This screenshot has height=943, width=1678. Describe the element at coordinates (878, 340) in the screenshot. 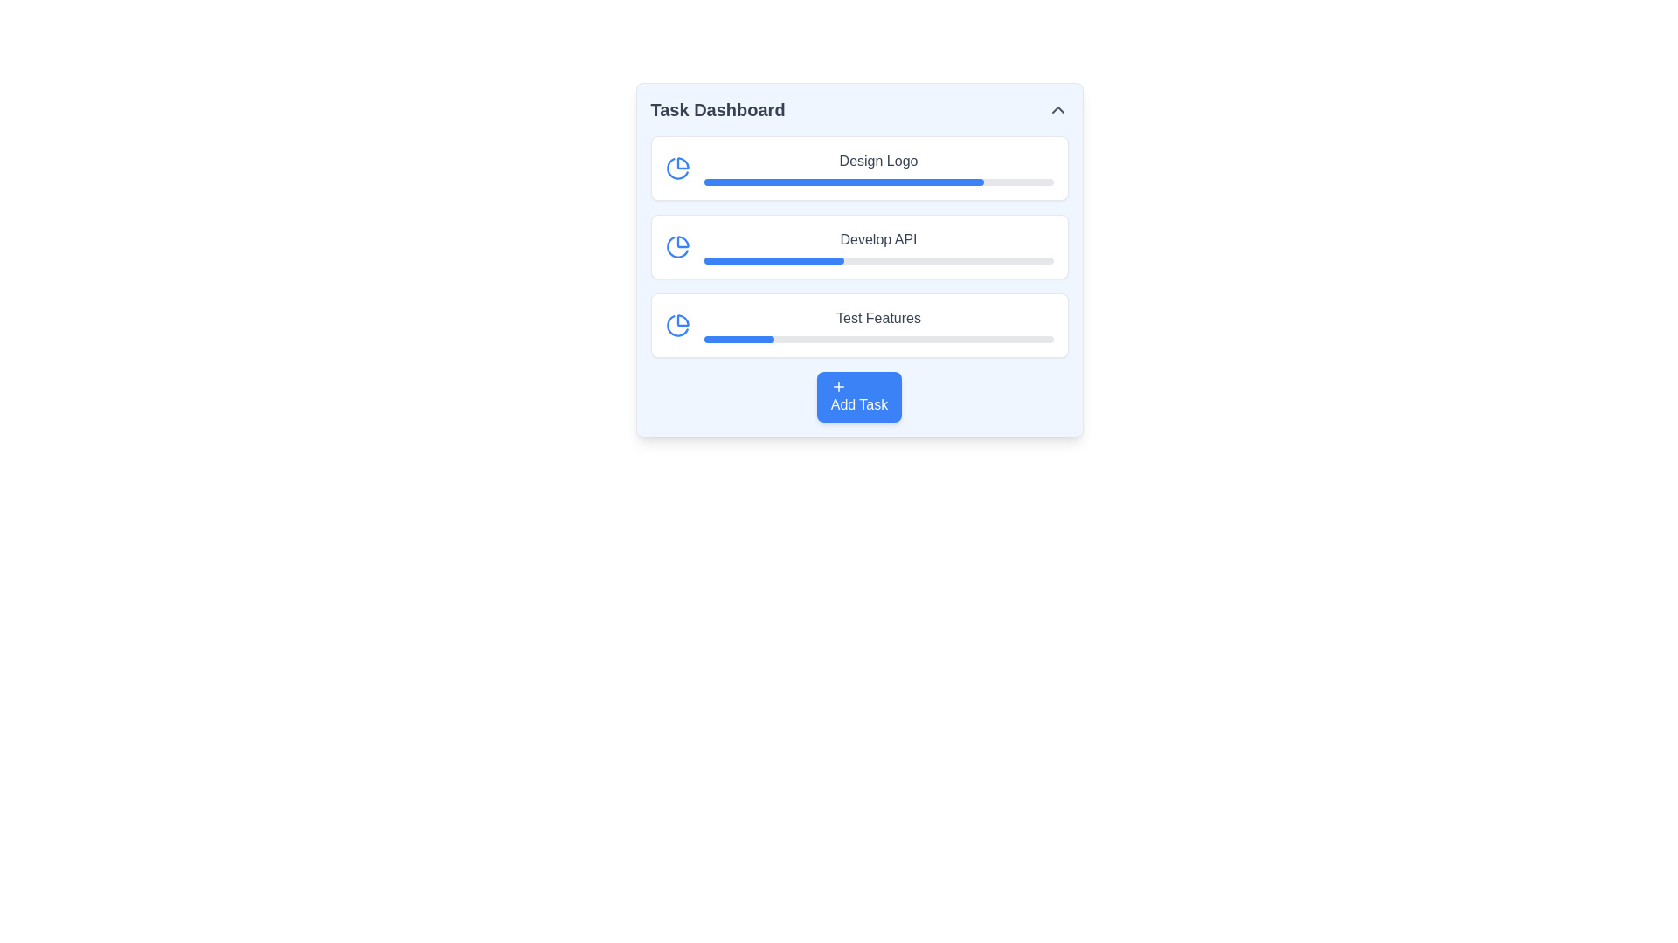

I see `the progress bar indicating the completion status of the task labeled 'Test Features' located below its label in the 'Task Dashboard' section` at that location.